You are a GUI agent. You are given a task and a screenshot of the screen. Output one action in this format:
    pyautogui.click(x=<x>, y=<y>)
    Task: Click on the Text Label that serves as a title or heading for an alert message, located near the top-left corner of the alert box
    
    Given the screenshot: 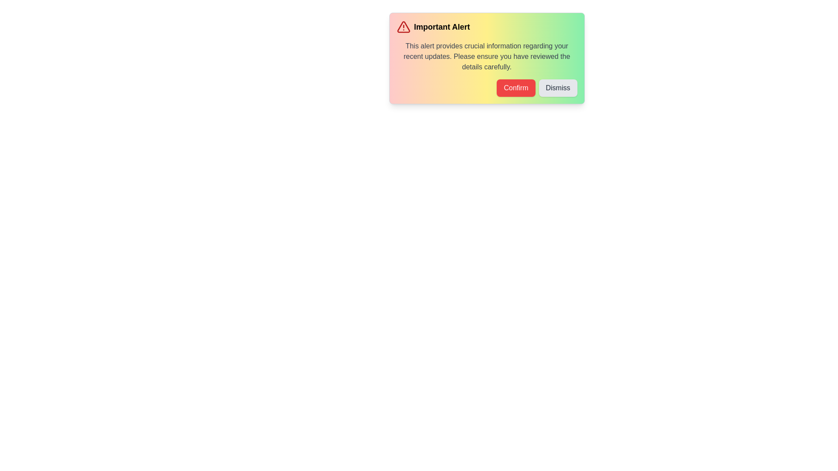 What is the action you would take?
    pyautogui.click(x=442, y=26)
    